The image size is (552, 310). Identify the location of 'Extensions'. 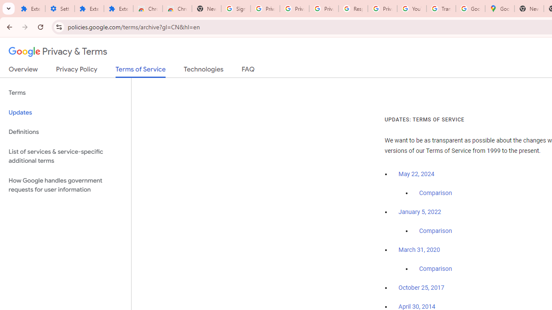
(118, 9).